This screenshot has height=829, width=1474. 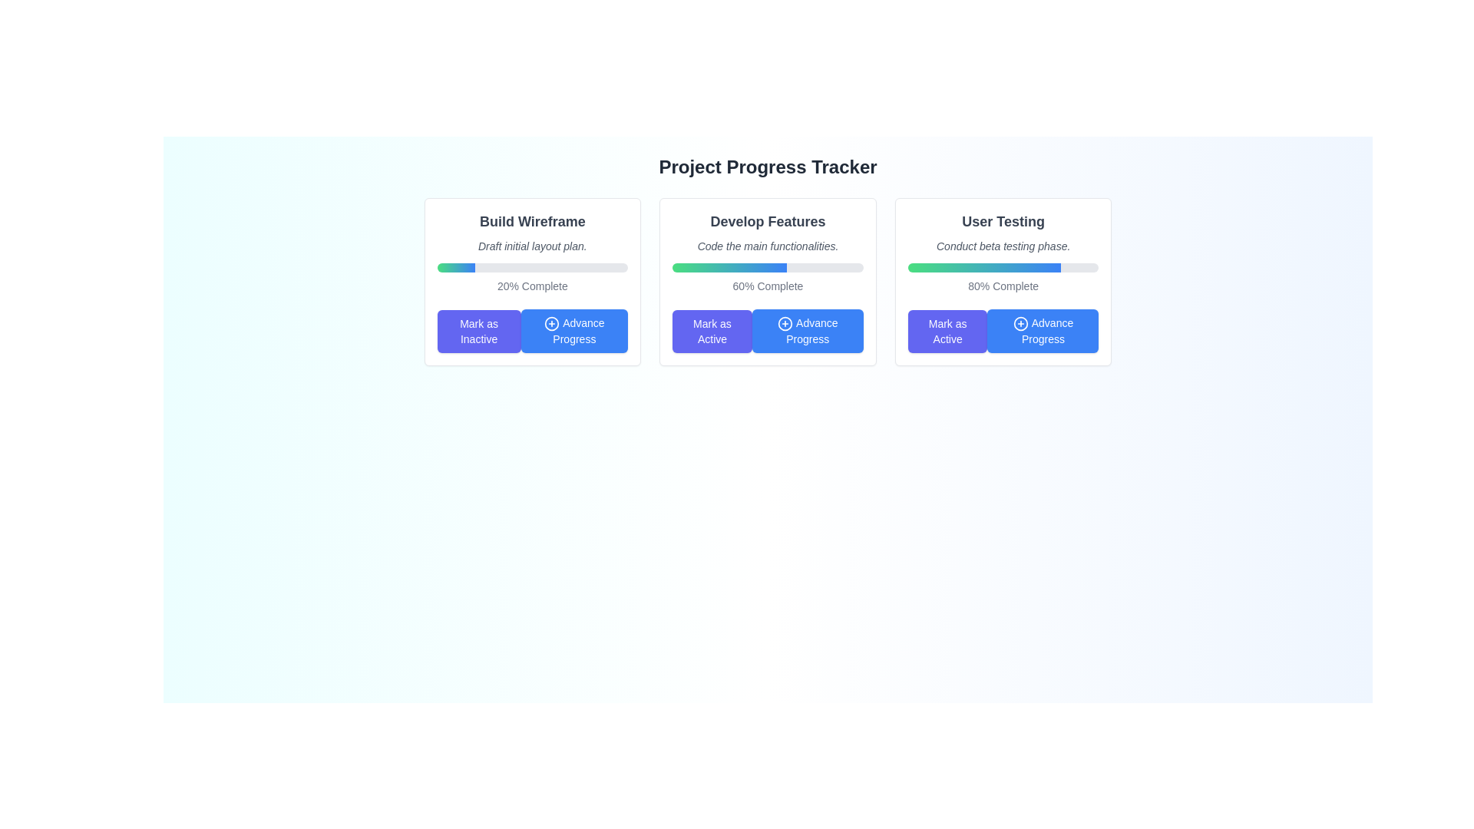 I want to click on the text display that shows the completion percentage of the 'Develop Features' task, located directly underneath the progress bar in the center of the second column, so click(x=768, y=286).